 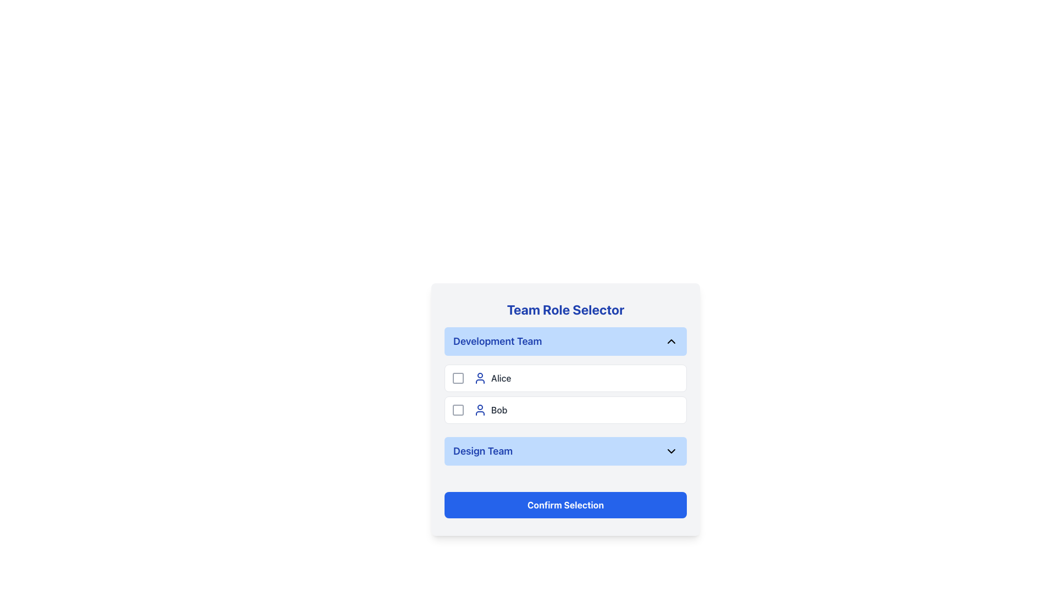 What do you see at coordinates (501, 378) in the screenshot?
I see `the label text for the first team member 'Alice' in the 'Development Team' section, which is positioned to the right of an avatar icon and a checkbox` at bounding box center [501, 378].